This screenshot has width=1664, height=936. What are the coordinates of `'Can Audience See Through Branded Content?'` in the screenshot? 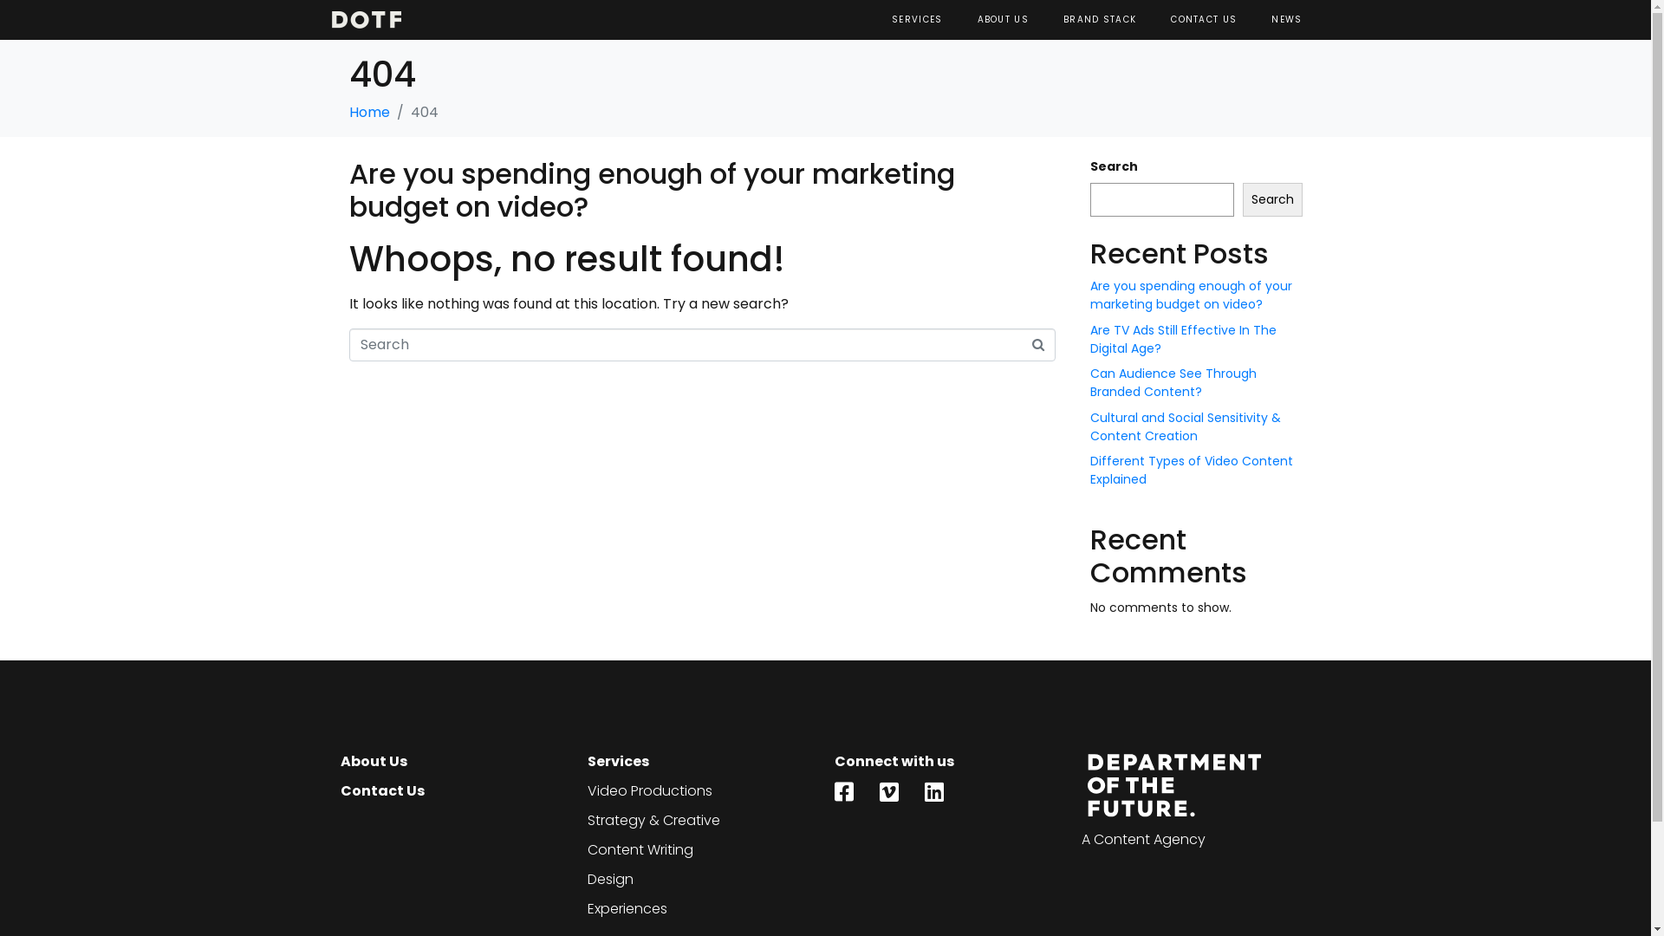 It's located at (1173, 381).